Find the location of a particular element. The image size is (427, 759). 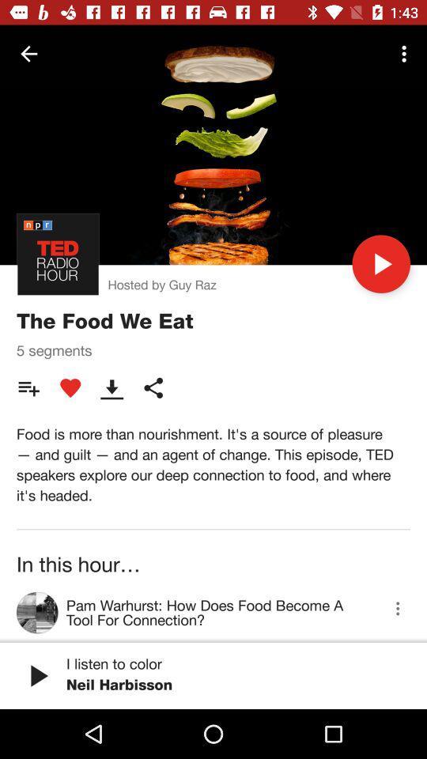

the icon to the right of hosted by guy is located at coordinates (380, 264).